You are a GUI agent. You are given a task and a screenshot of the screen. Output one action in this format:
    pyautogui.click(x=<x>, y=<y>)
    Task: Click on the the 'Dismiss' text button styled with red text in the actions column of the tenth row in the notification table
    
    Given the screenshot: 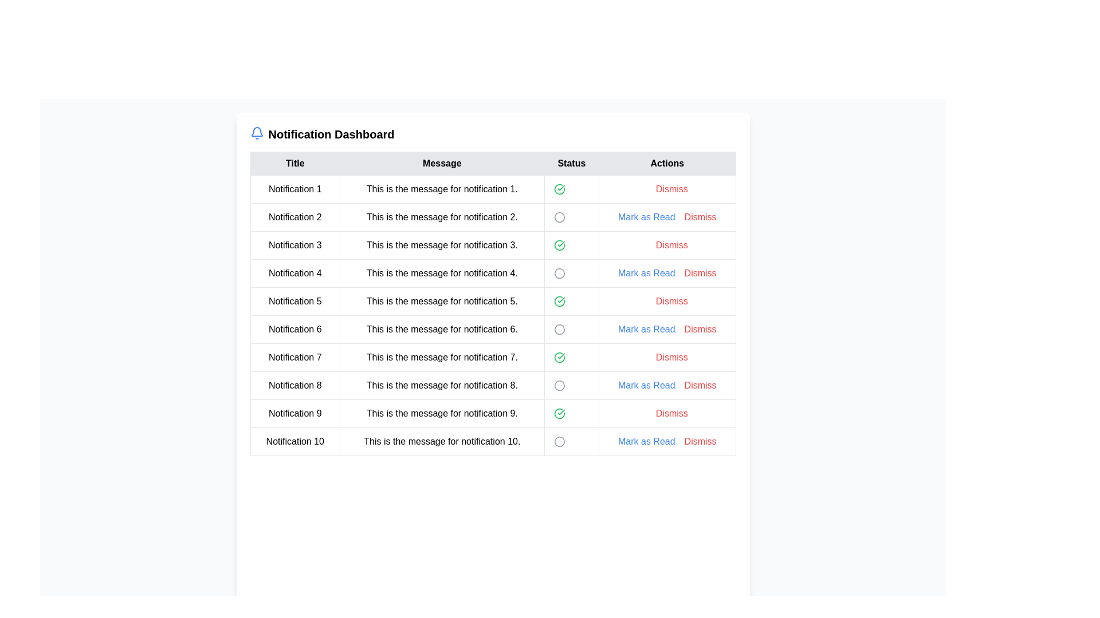 What is the action you would take?
    pyautogui.click(x=700, y=441)
    